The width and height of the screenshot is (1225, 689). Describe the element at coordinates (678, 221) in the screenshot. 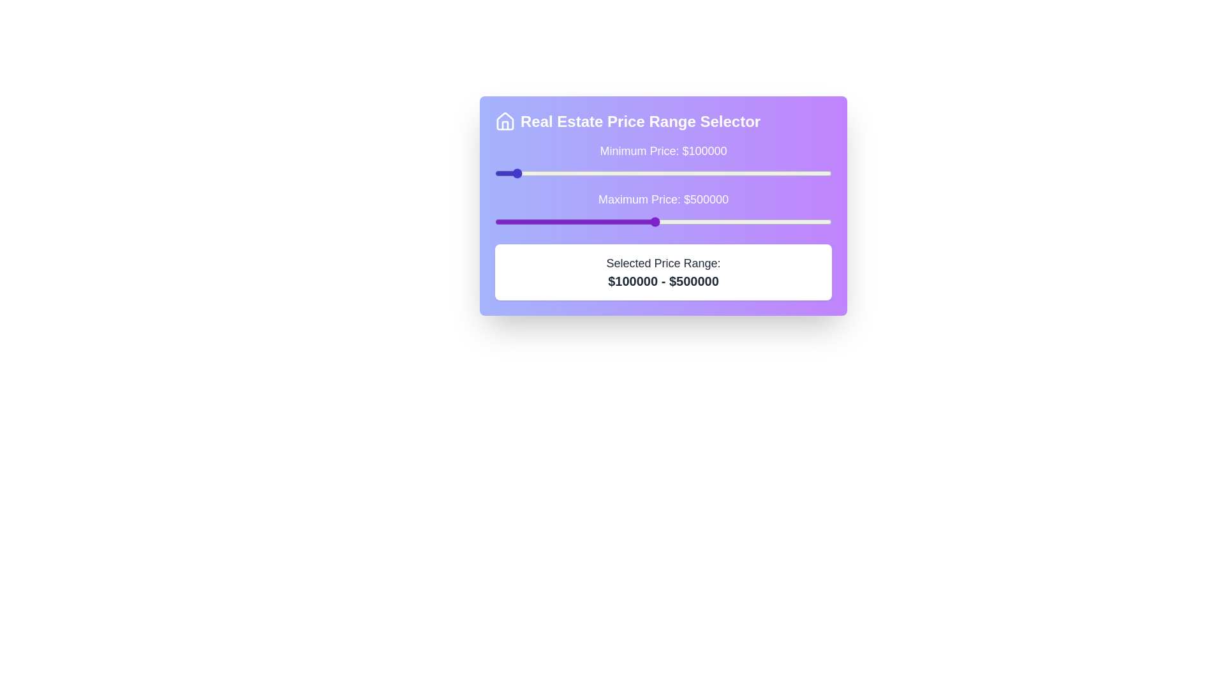

I see `the maximum price slider to 569593` at that location.